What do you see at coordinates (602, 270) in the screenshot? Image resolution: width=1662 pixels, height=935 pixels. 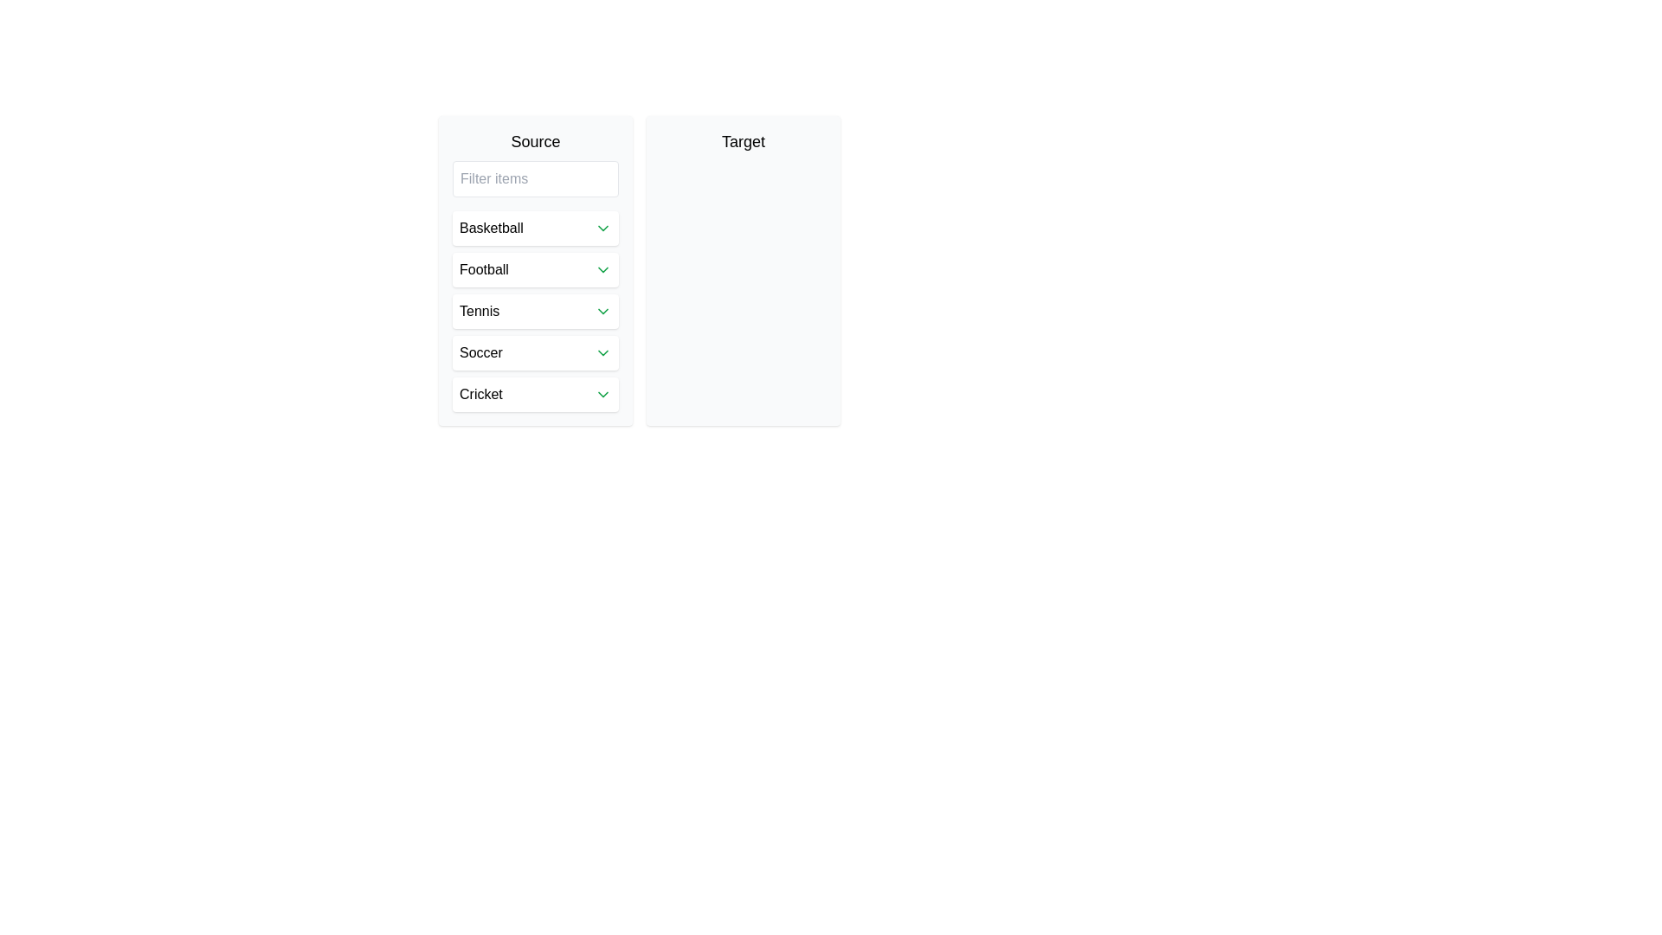 I see `the green downward-facing chevron arrow icon located to the right of the 'Football' text` at bounding box center [602, 270].